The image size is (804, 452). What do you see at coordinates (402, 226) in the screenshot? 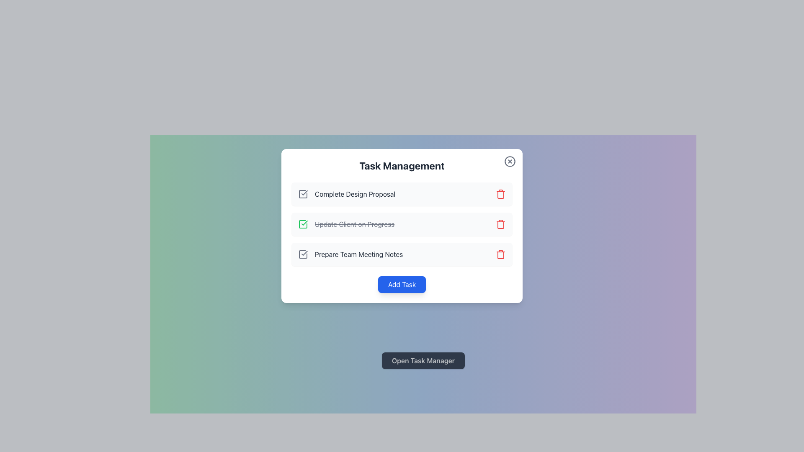
I see `the completed task list item located in the task management modal, which is the second item in the list` at bounding box center [402, 226].